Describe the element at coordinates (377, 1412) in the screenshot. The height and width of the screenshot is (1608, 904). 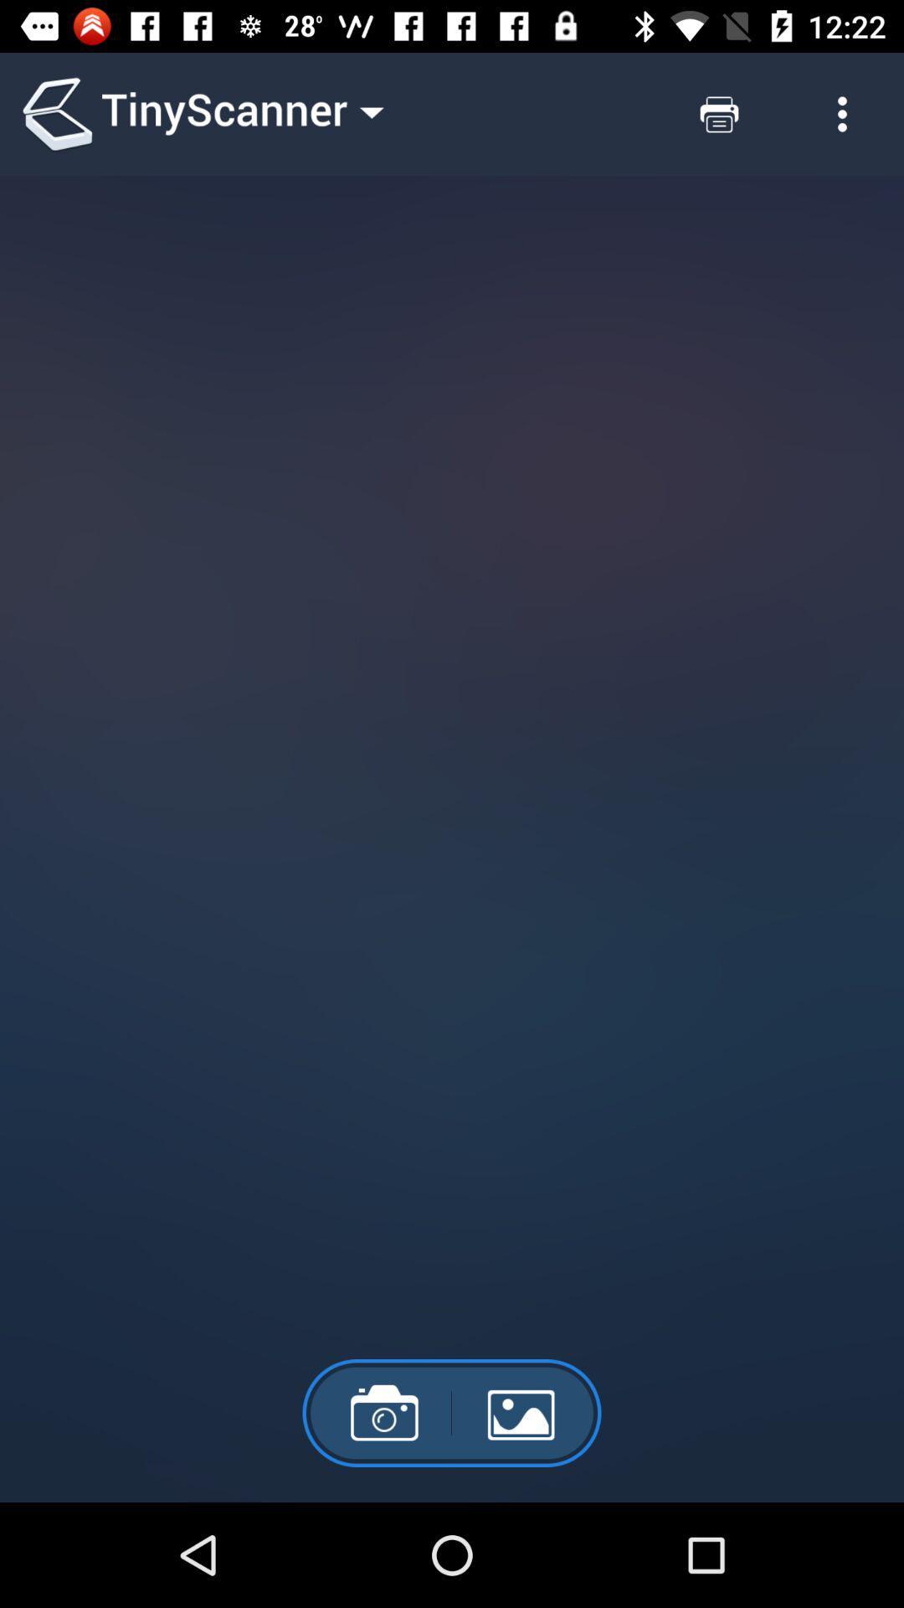
I see `the photo icon` at that location.